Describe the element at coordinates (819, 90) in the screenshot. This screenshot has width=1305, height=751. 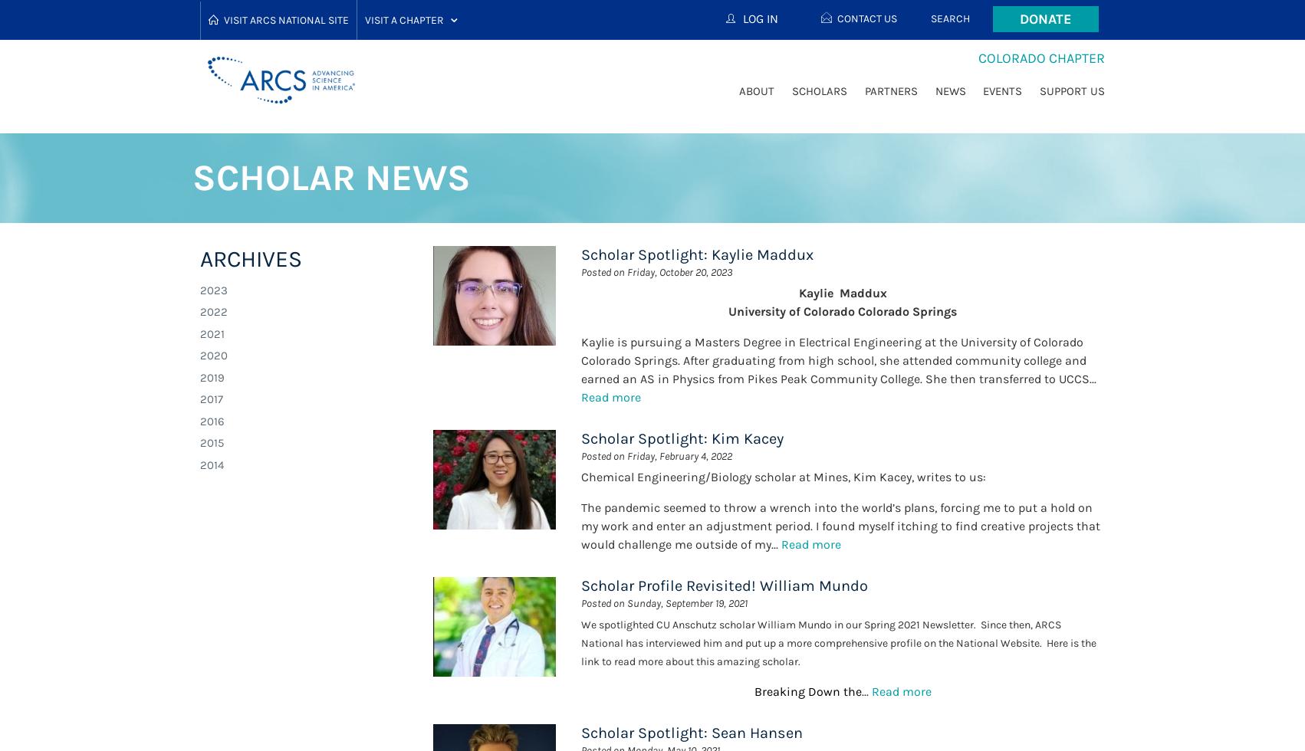
I see `'Scholars'` at that location.